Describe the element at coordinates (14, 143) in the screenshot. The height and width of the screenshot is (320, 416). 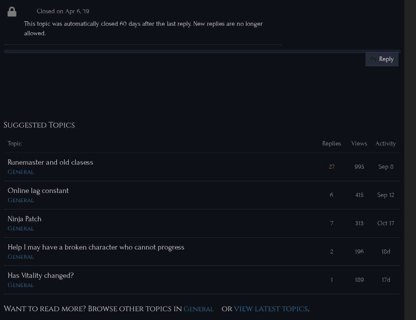
I see `'Topic'` at that location.